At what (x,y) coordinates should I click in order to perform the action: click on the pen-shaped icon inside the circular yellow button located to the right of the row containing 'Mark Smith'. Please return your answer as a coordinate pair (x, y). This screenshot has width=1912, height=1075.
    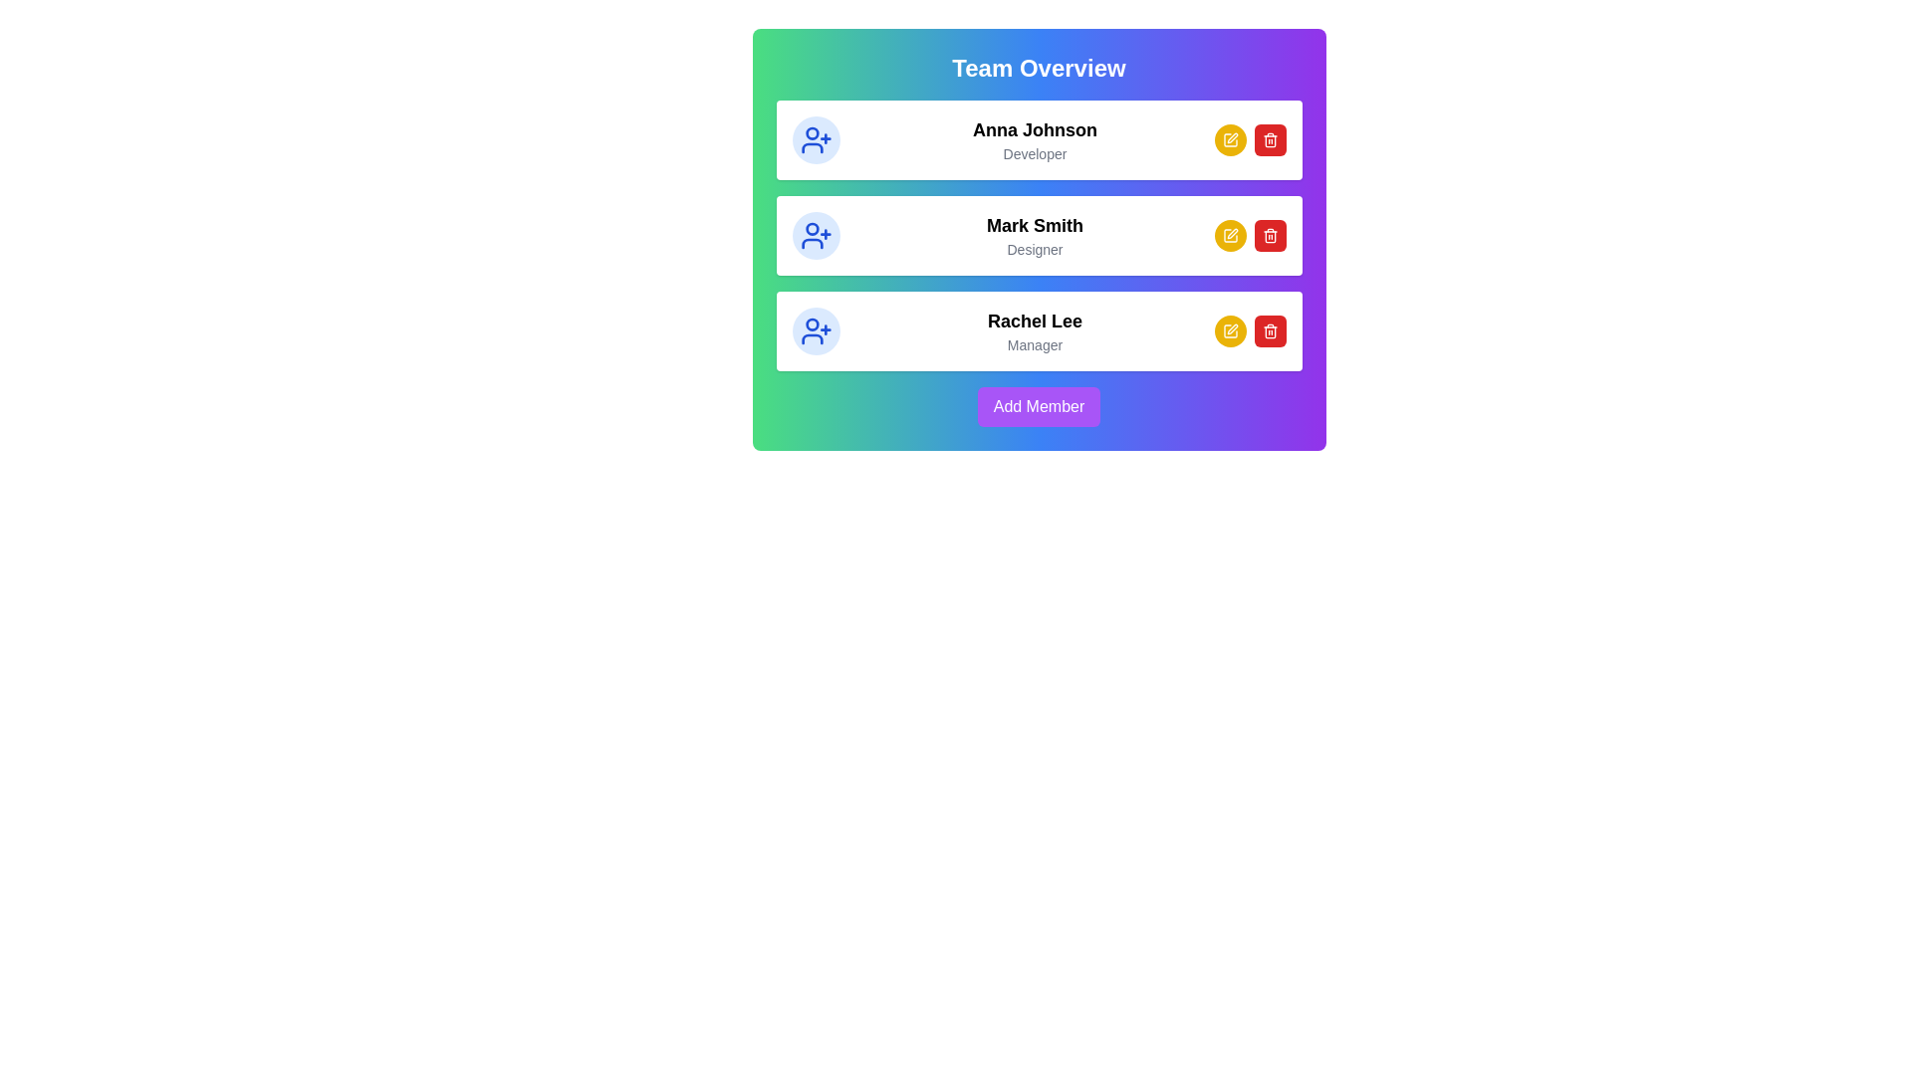
    Looking at the image, I should click on (1228, 234).